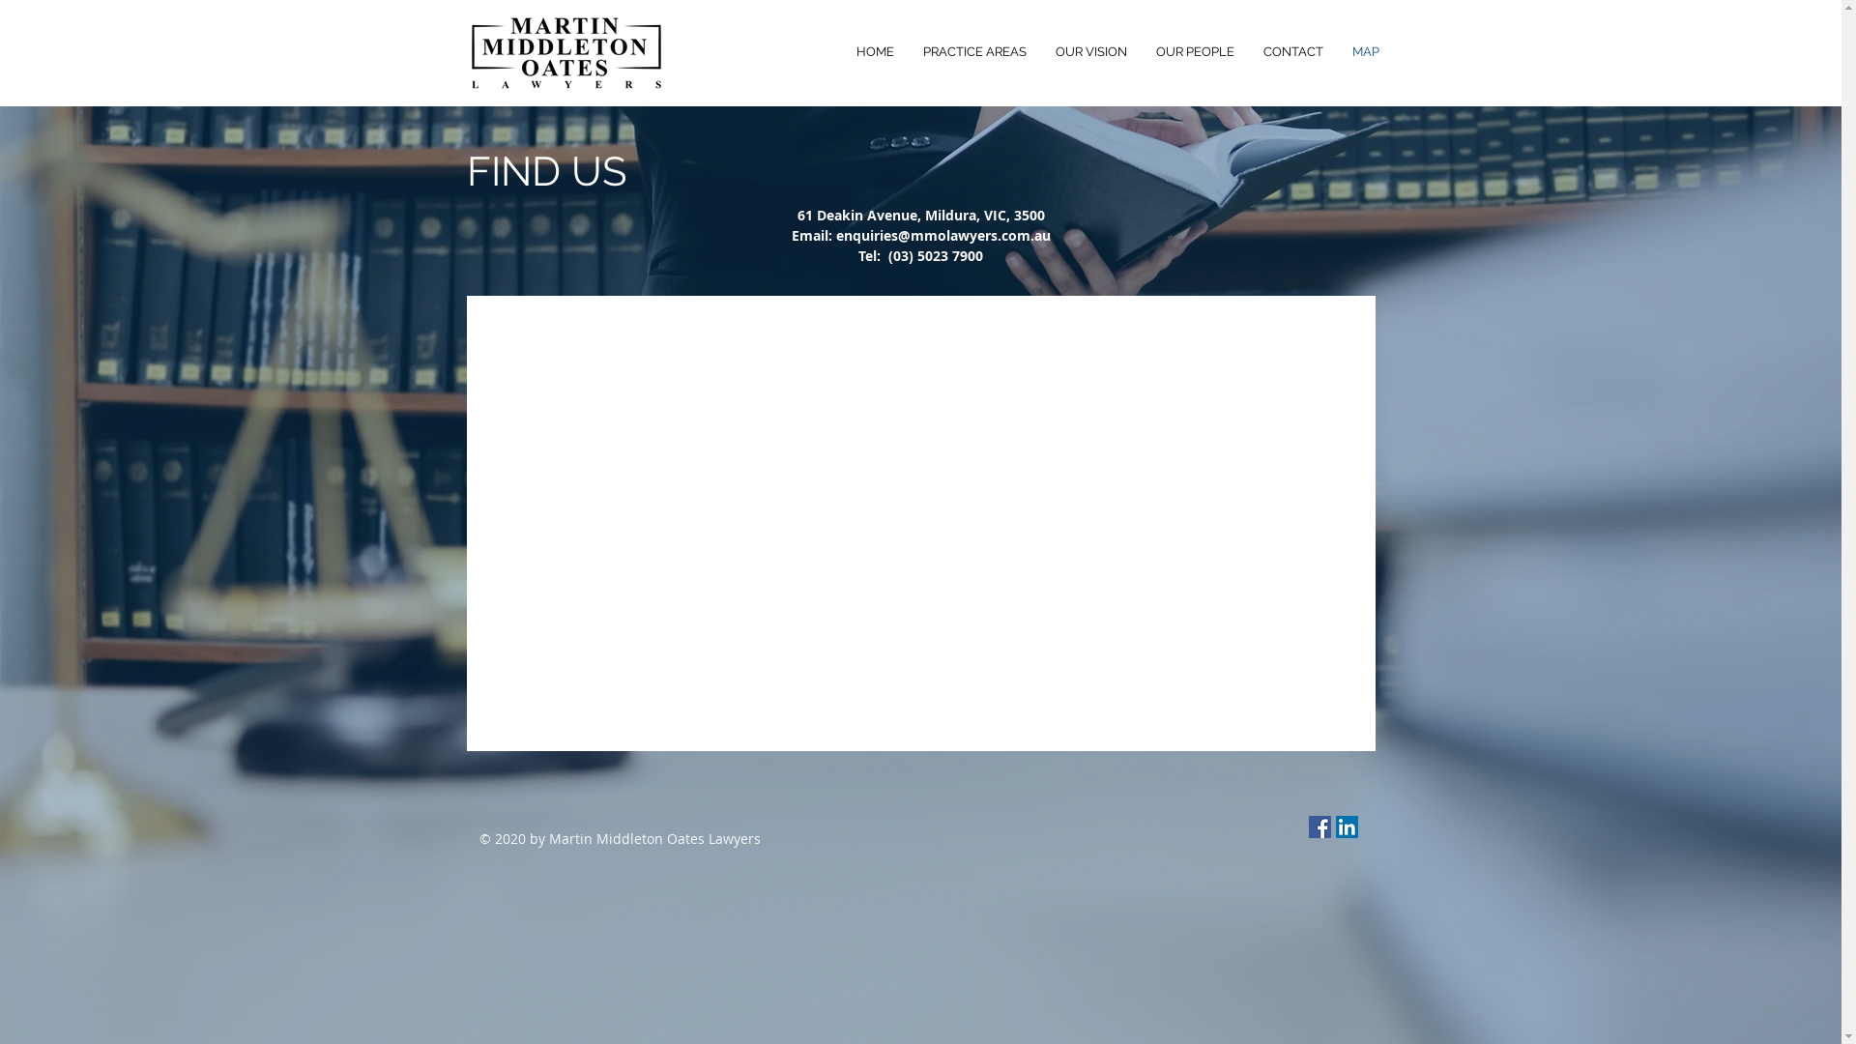 The image size is (1856, 1044). Describe the element at coordinates (873, 51) in the screenshot. I see `'HOME'` at that location.